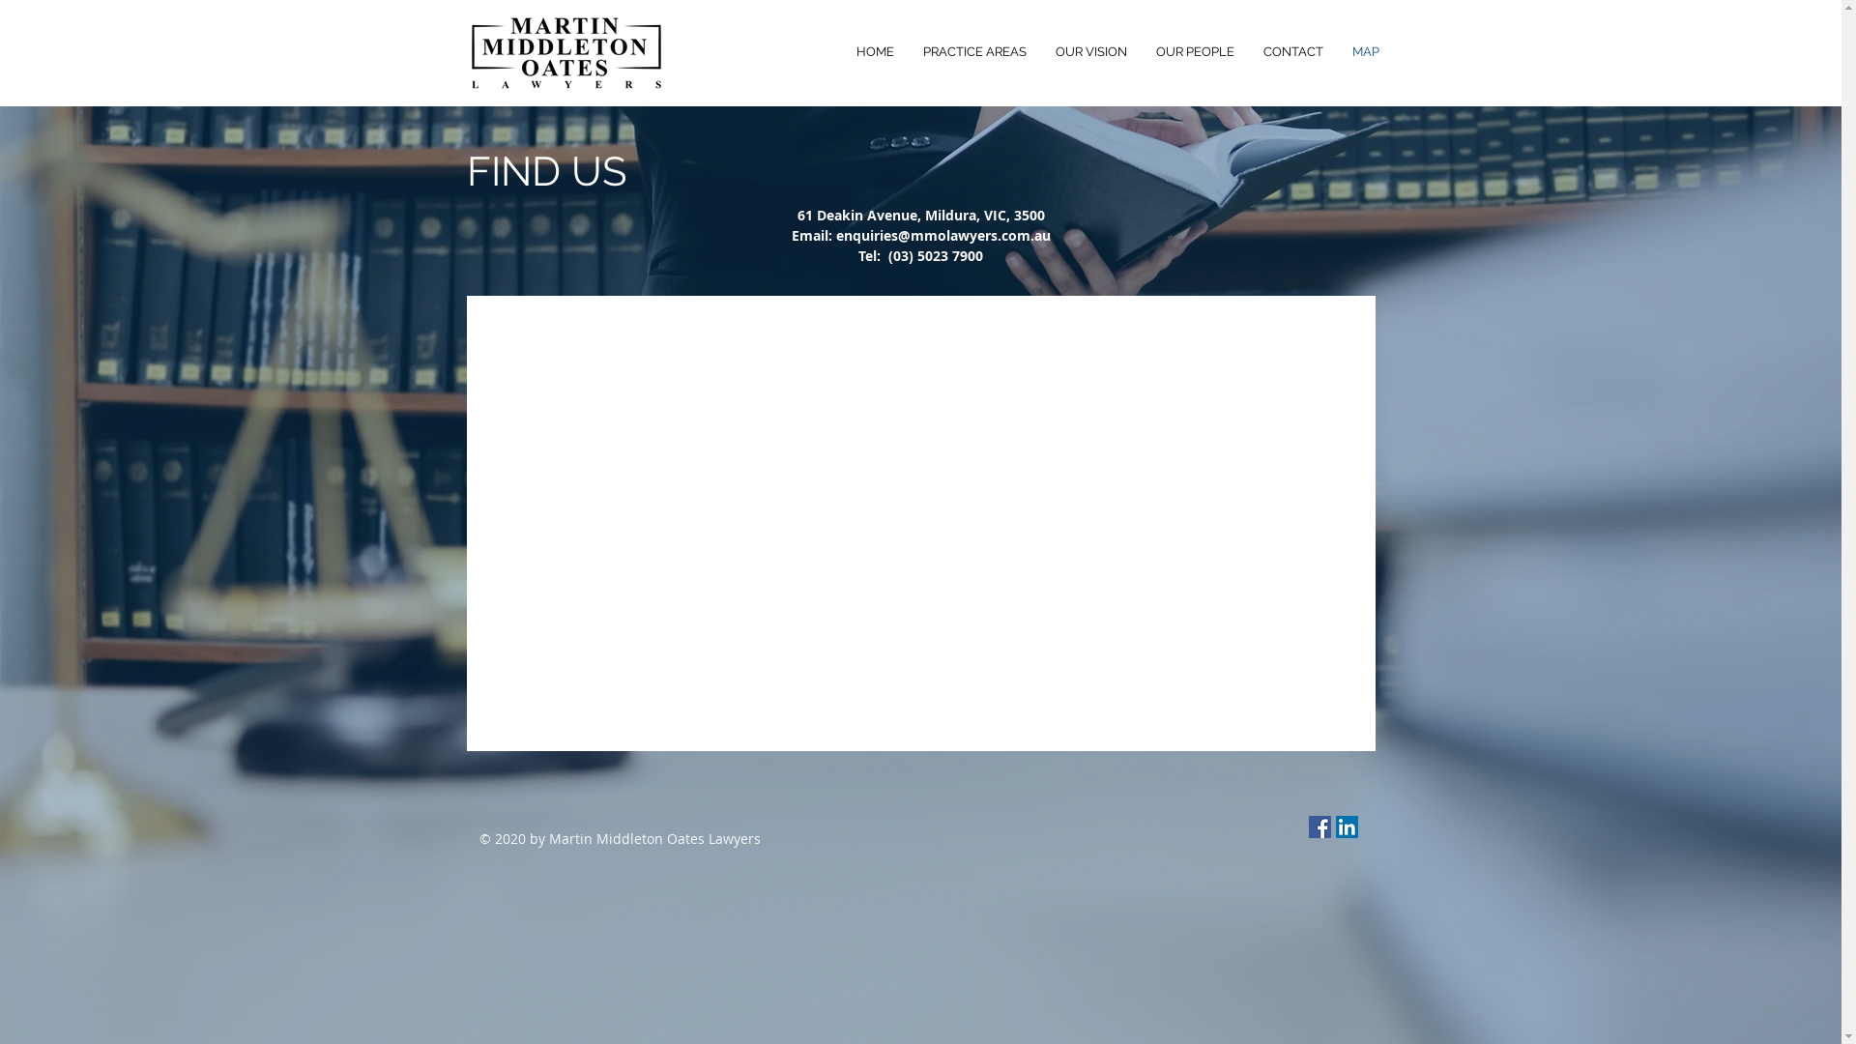 The image size is (1856, 1044). Describe the element at coordinates (873, 51) in the screenshot. I see `'HOME'` at that location.